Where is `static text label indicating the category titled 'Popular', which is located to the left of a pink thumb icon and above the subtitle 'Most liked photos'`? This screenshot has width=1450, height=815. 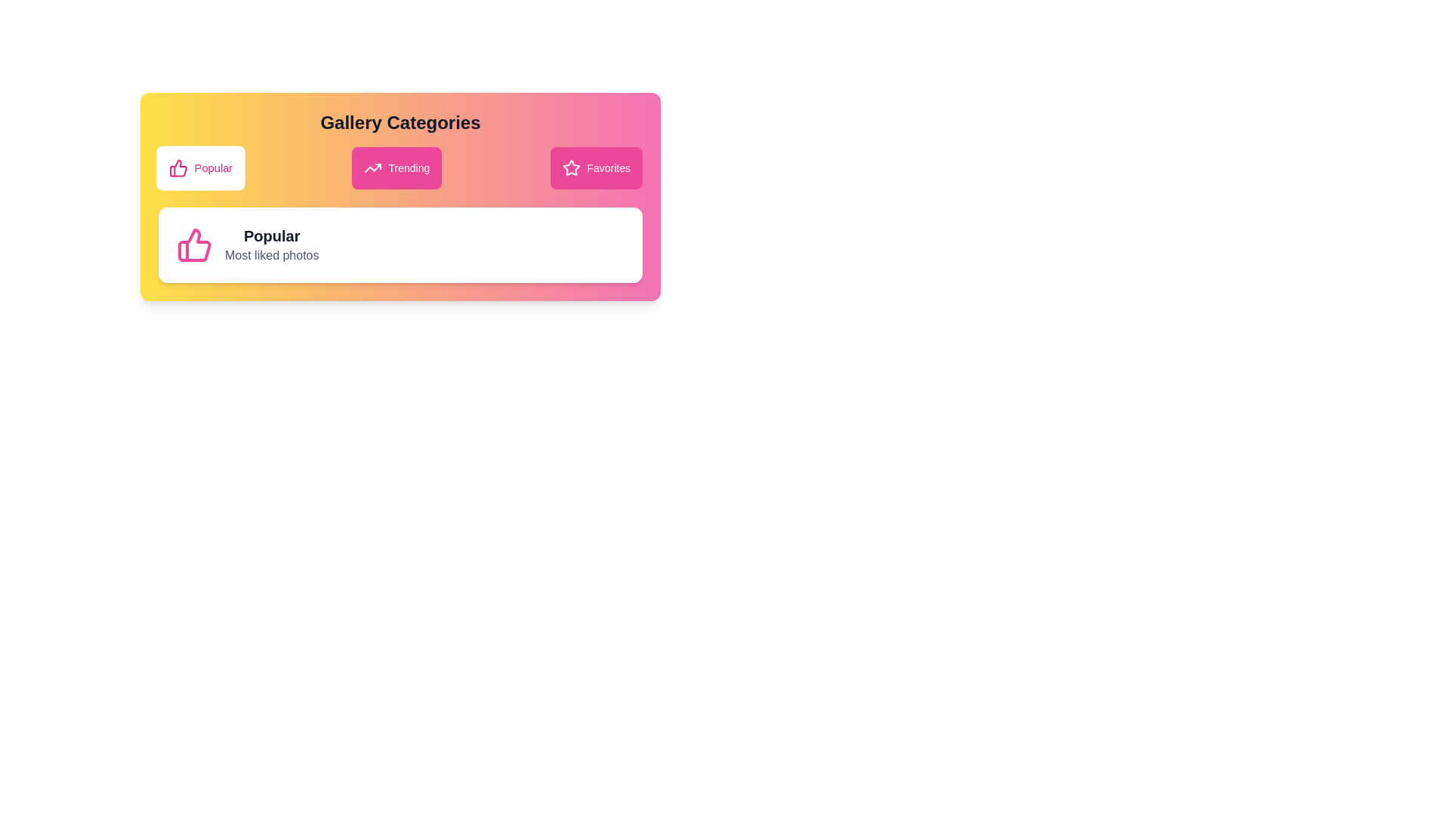 static text label indicating the category titled 'Popular', which is located to the left of a pink thumb icon and above the subtitle 'Most liked photos' is located at coordinates (272, 235).